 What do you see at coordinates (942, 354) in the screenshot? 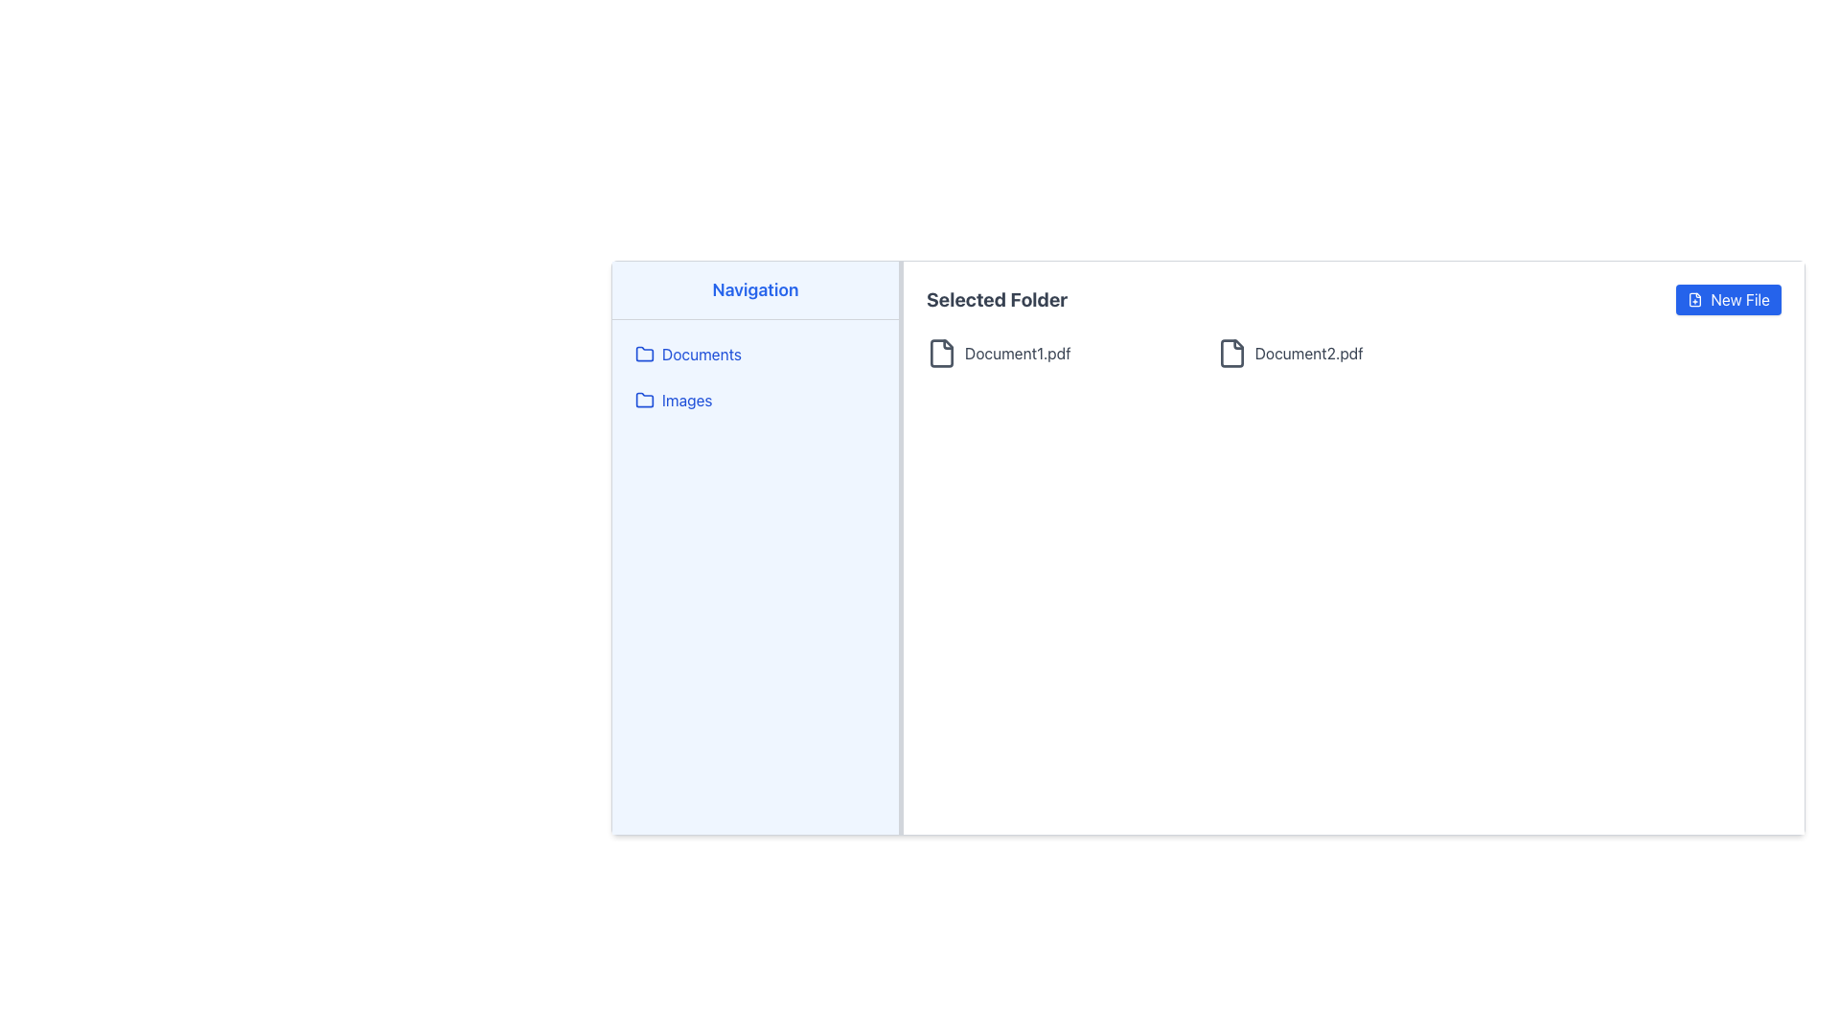
I see `the SVG icon representing the document file, which is located to the left of the text label 'Document1.pdf' in the document selection area` at bounding box center [942, 354].